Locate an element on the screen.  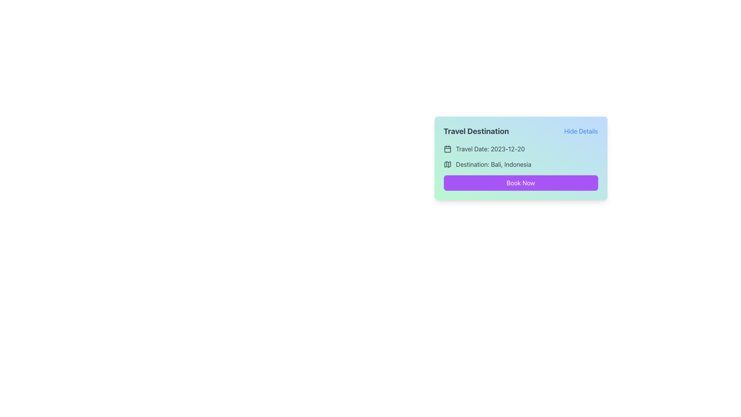
the static text displaying the travel date '2023-12-20', which is the second inline component in the 'Travel Destination' section, located to the right of a calendar icon is located at coordinates (490, 149).